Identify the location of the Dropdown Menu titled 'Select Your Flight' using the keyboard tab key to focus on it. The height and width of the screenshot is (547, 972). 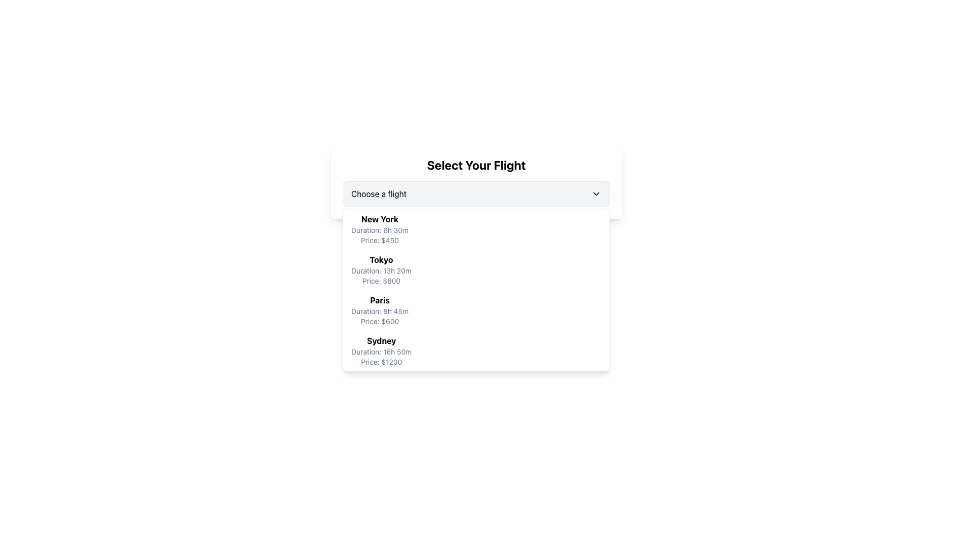
(475, 181).